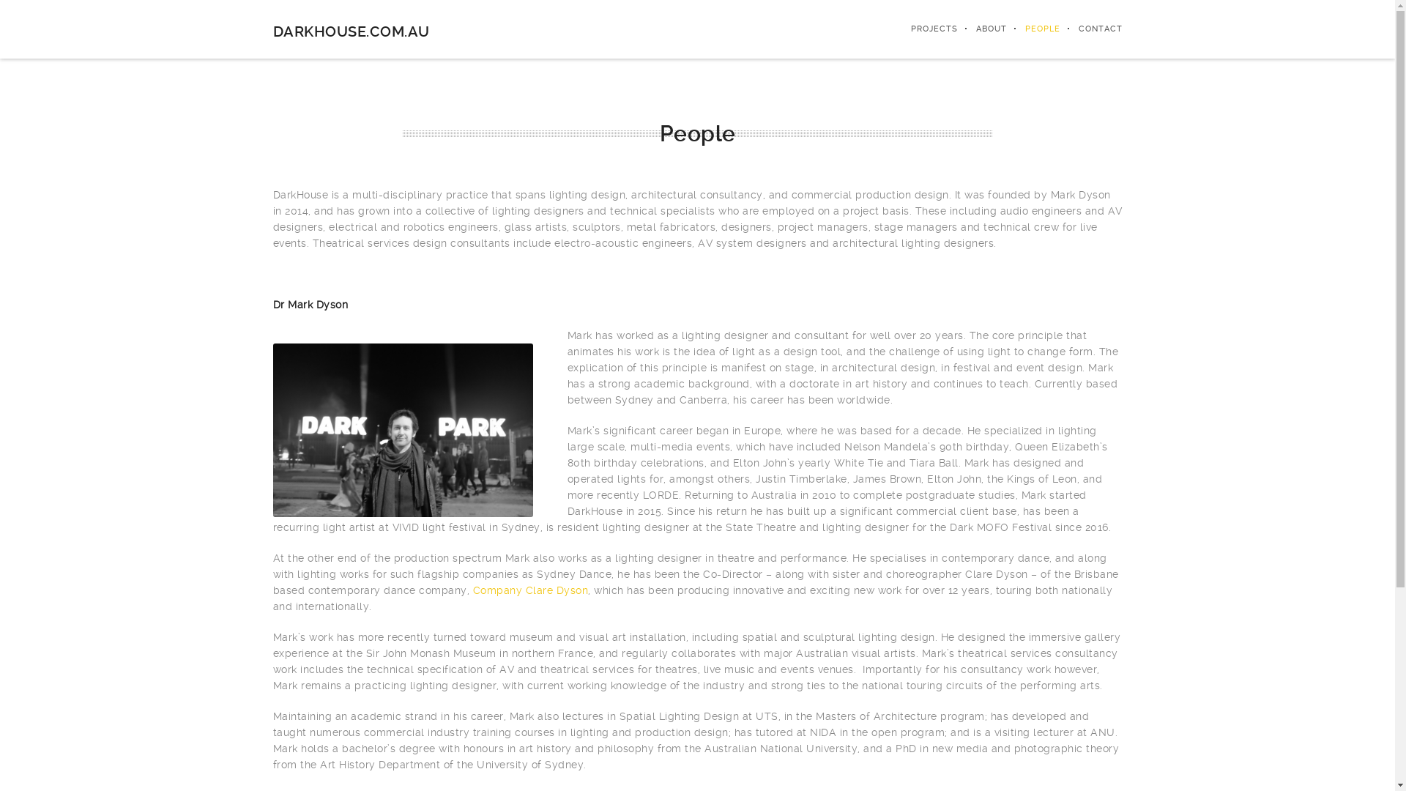  Describe the element at coordinates (1091, 29) in the screenshot. I see `'CONTACT'` at that location.